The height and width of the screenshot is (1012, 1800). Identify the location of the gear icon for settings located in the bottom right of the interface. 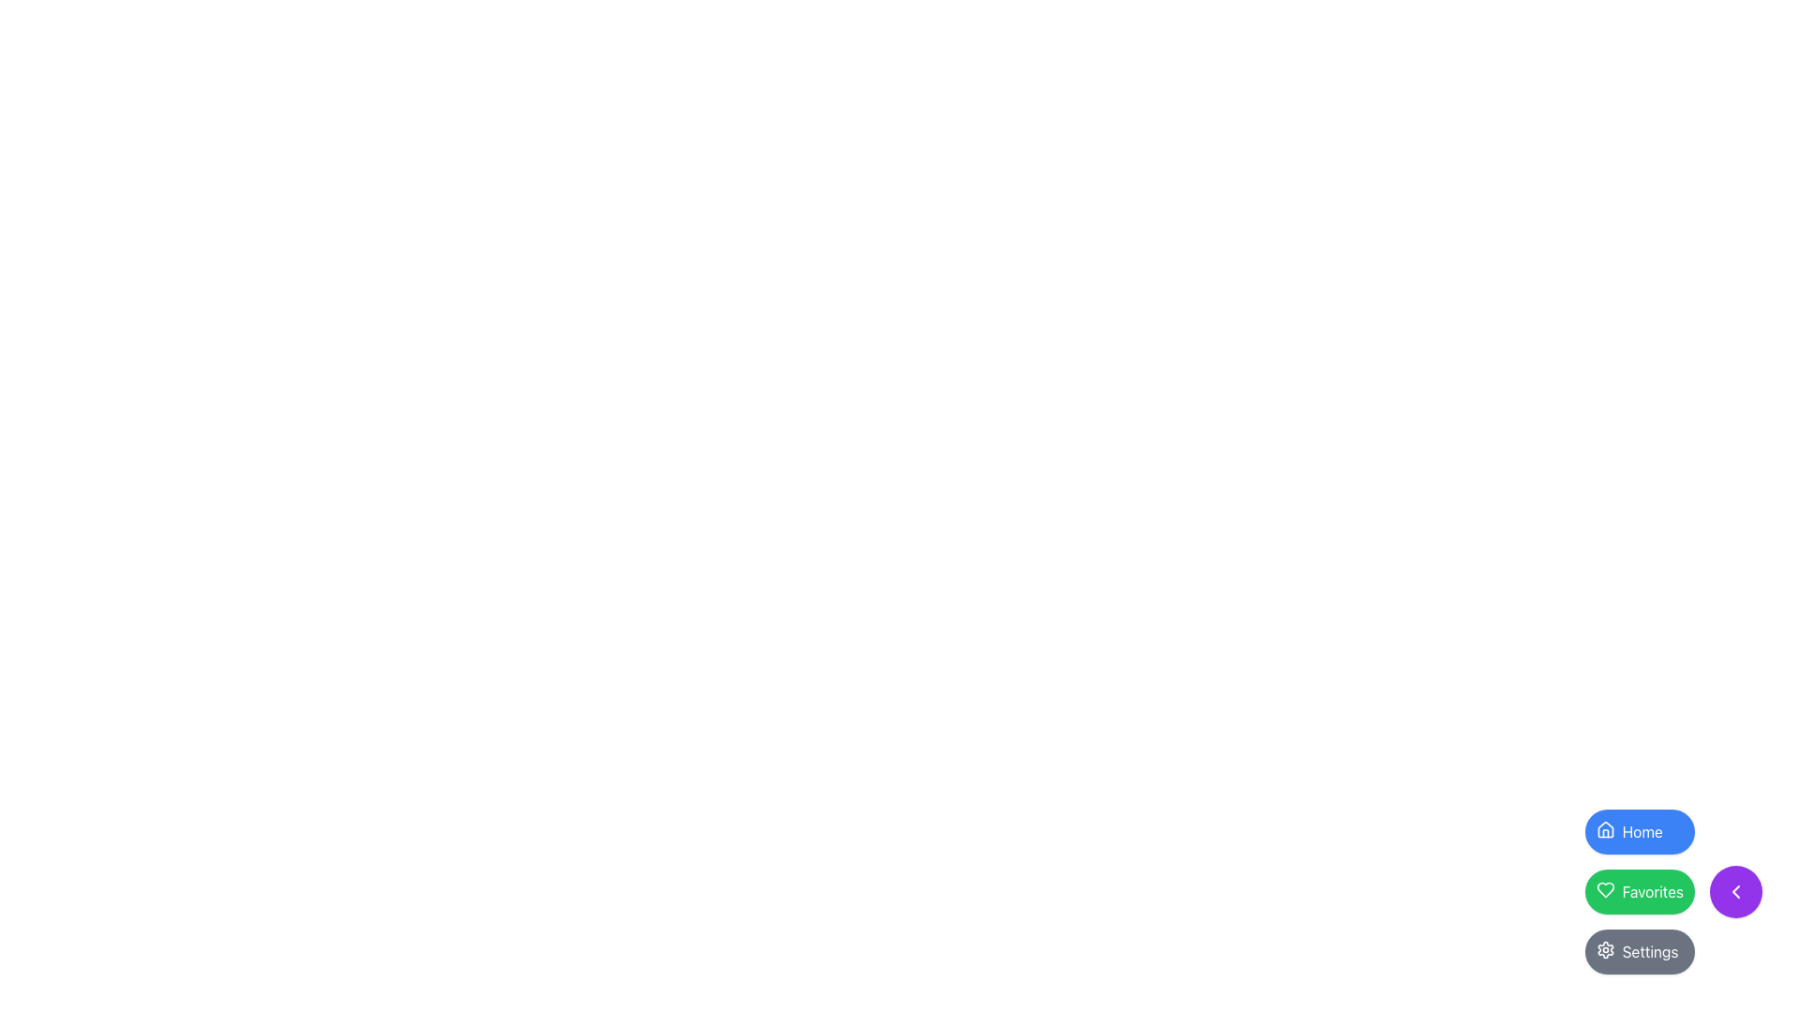
(1604, 950).